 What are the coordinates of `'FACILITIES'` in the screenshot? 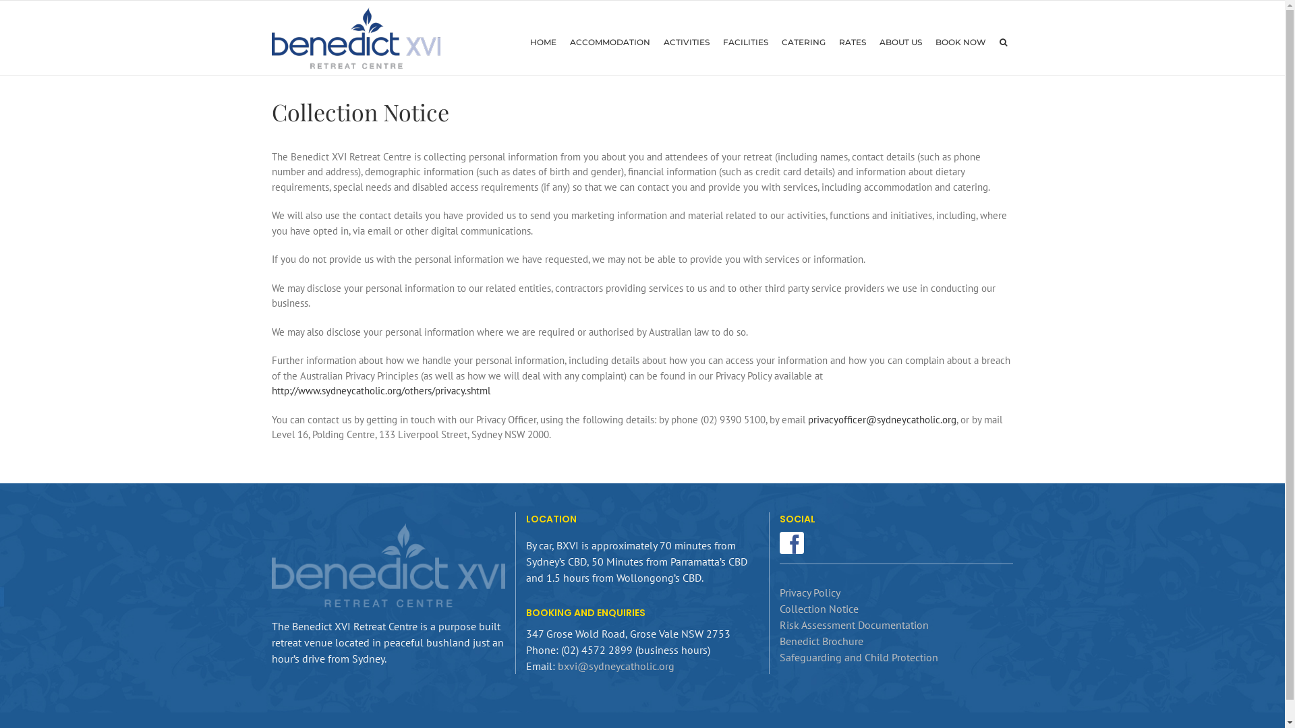 It's located at (715, 41).